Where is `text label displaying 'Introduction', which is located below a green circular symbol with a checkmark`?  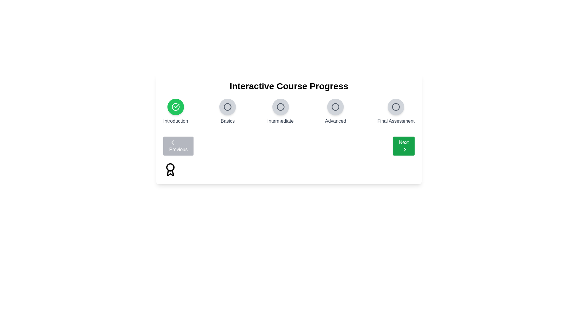
text label displaying 'Introduction', which is located below a green circular symbol with a checkmark is located at coordinates (175, 121).